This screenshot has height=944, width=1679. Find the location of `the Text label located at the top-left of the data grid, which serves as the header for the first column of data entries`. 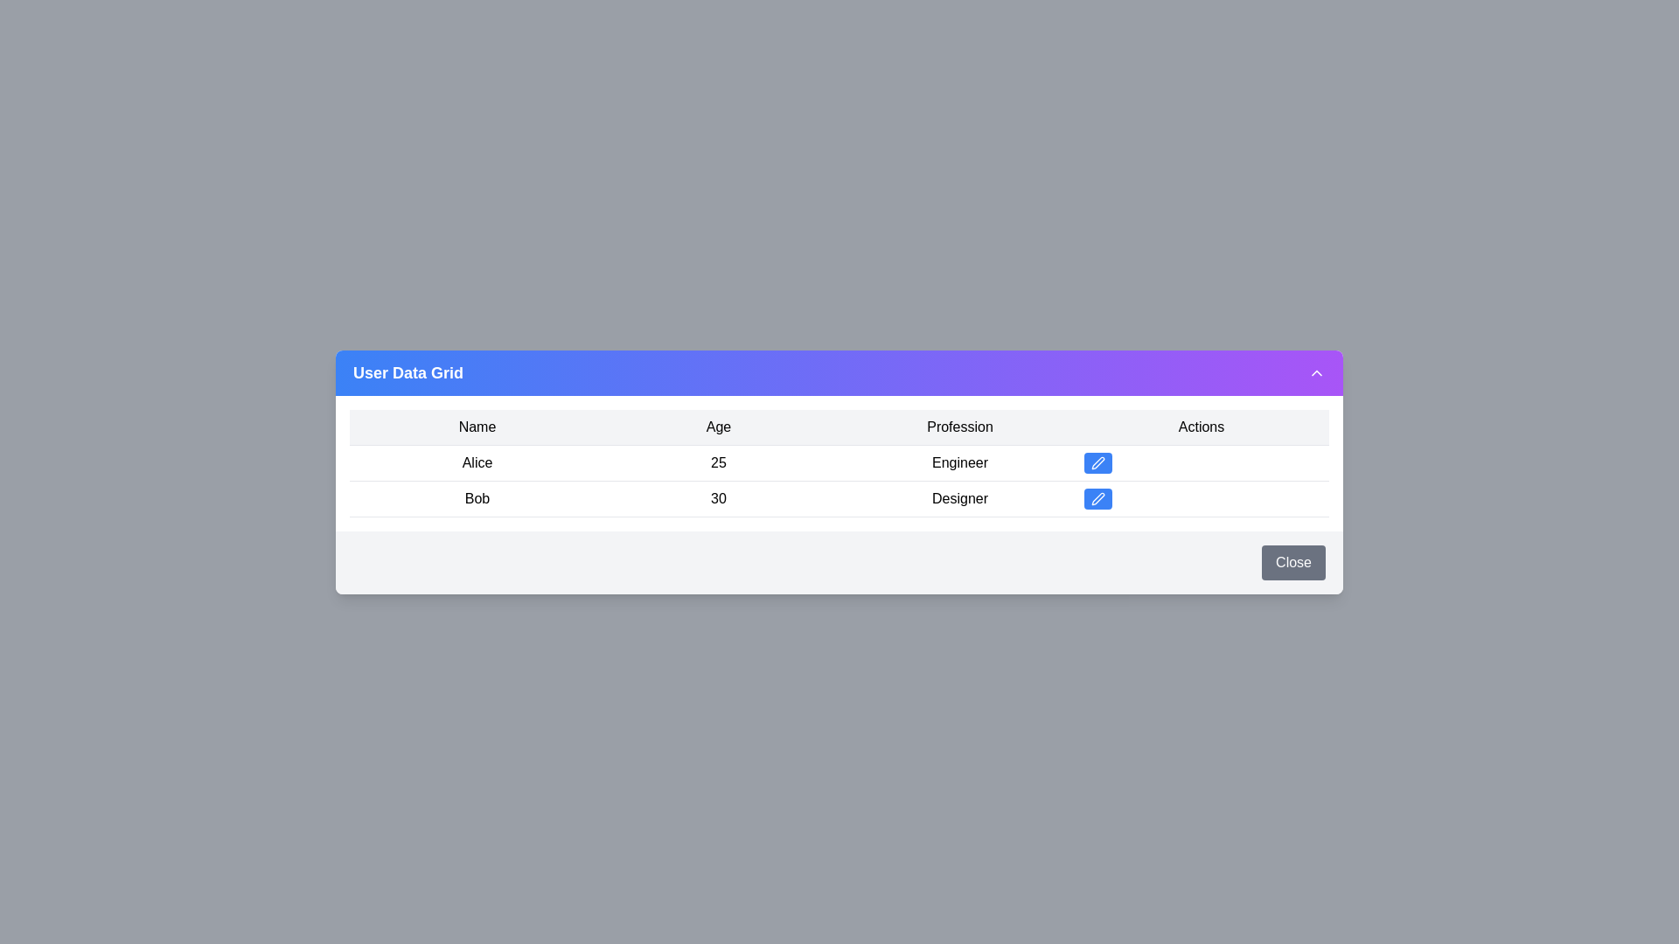

the Text label located at the top-left of the data grid, which serves as the header for the first column of data entries is located at coordinates (477, 427).